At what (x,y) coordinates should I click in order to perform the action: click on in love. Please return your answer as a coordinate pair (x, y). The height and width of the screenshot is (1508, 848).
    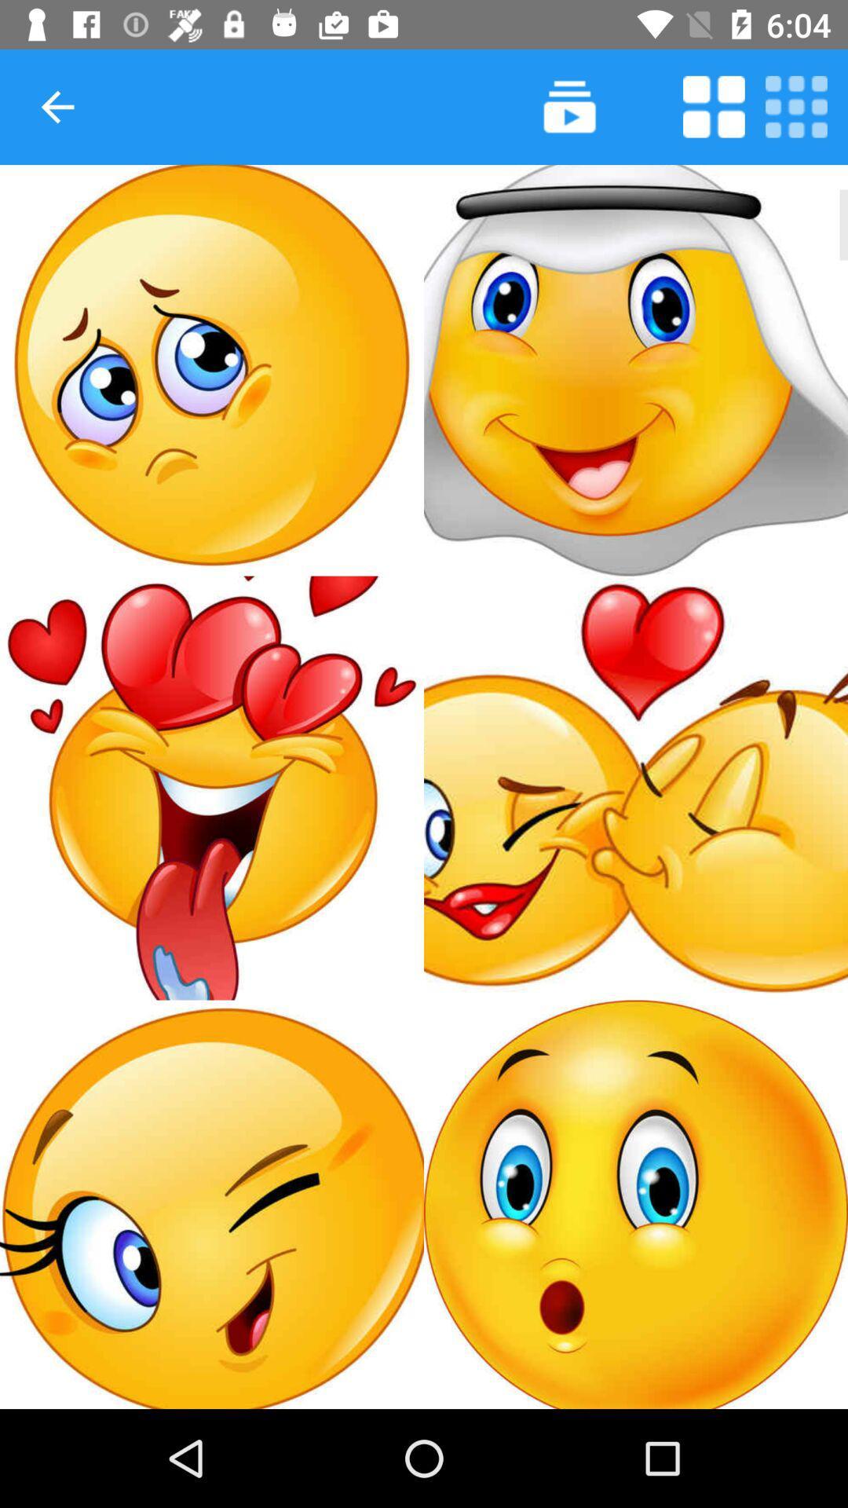
    Looking at the image, I should click on (212, 788).